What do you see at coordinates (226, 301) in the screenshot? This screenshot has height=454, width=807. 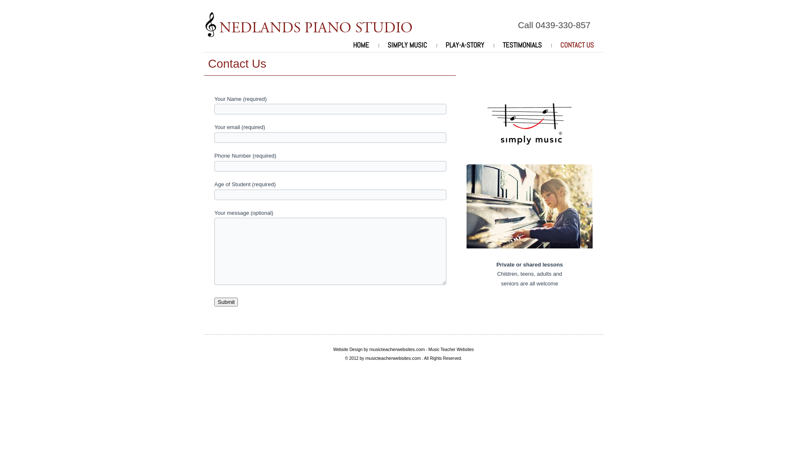 I see `'Submit'` at bounding box center [226, 301].